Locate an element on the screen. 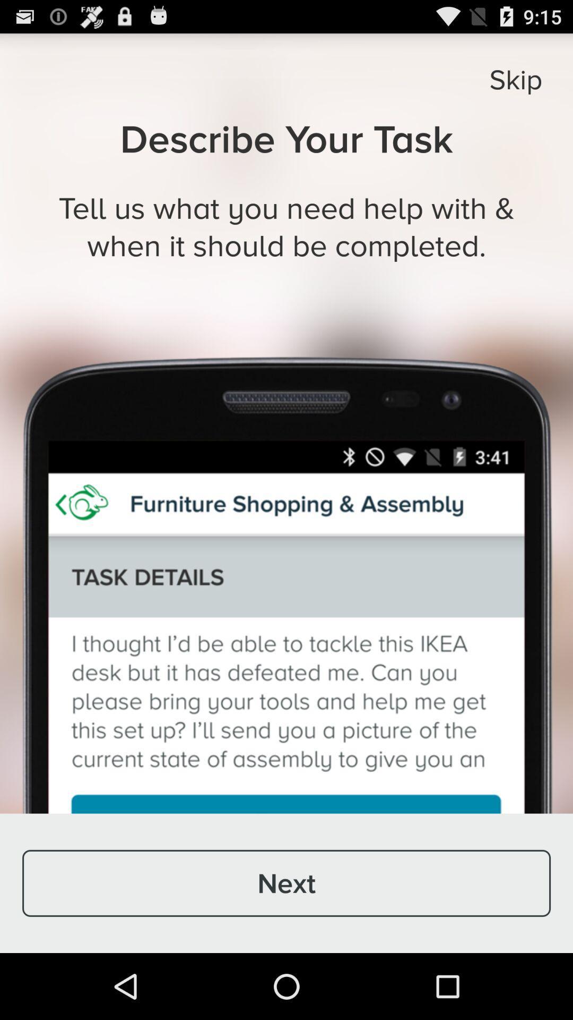 The height and width of the screenshot is (1020, 573). skip icon is located at coordinates (515, 79).